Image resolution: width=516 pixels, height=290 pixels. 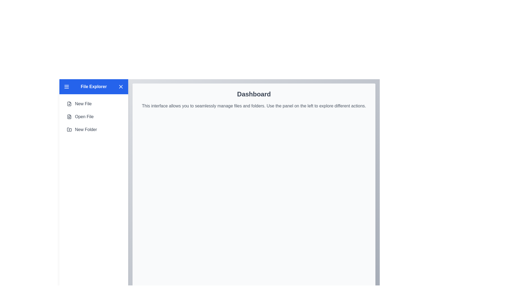 What do you see at coordinates (254, 106) in the screenshot?
I see `text that displays the message: 'This interface allows you to seamlessly manage files and folders. Use the panel on the left to explore different actions.', which is located below the 'Dashboard' heading in a gray font on a light-gray background` at bounding box center [254, 106].